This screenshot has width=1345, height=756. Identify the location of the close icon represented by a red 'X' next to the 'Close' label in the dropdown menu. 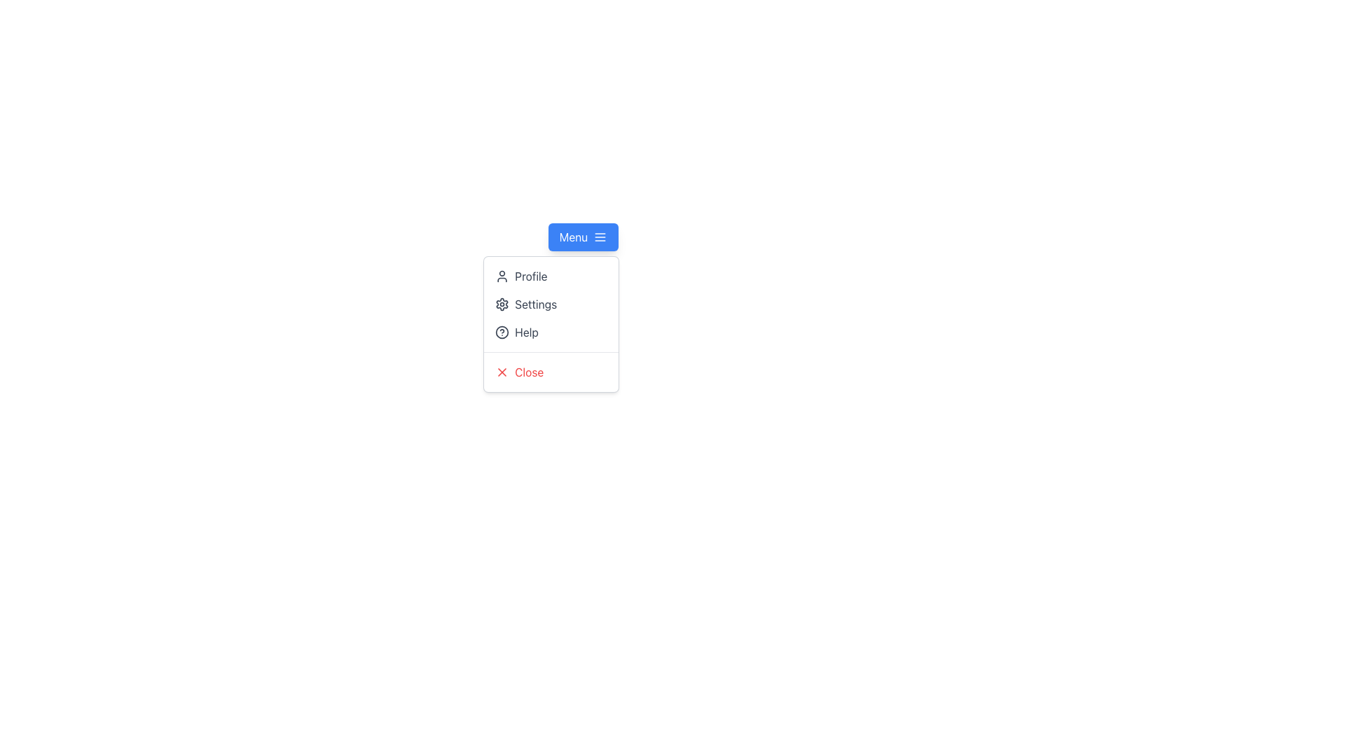
(502, 372).